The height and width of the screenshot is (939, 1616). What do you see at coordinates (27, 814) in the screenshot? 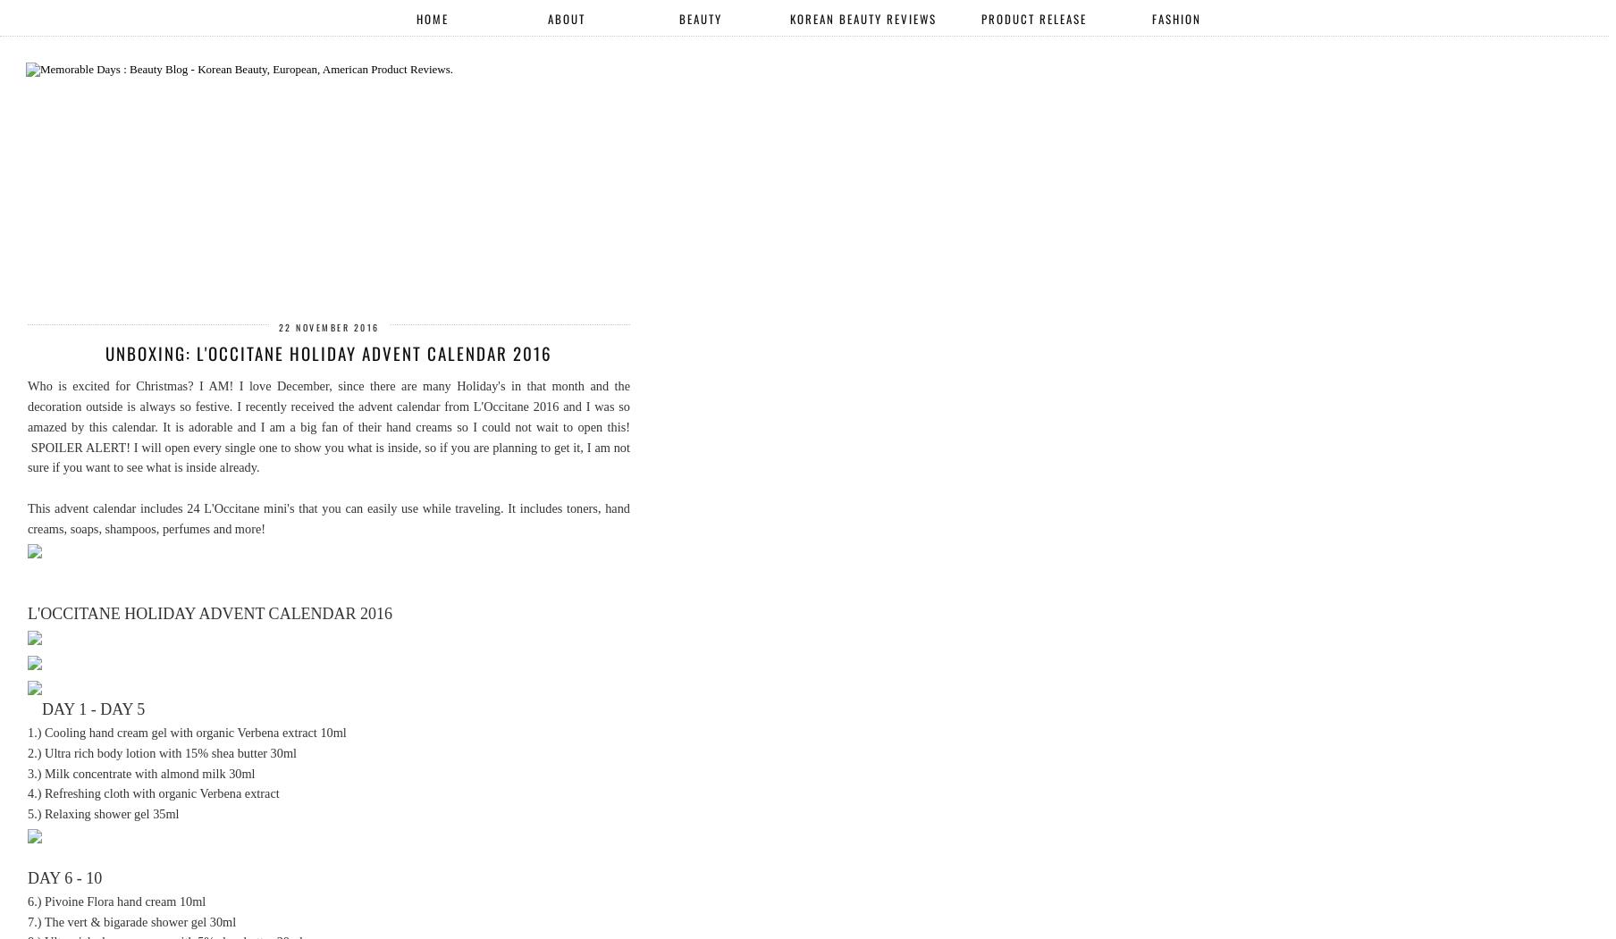
I see `'5.) Relaxing shower gel 35ml'` at bounding box center [27, 814].